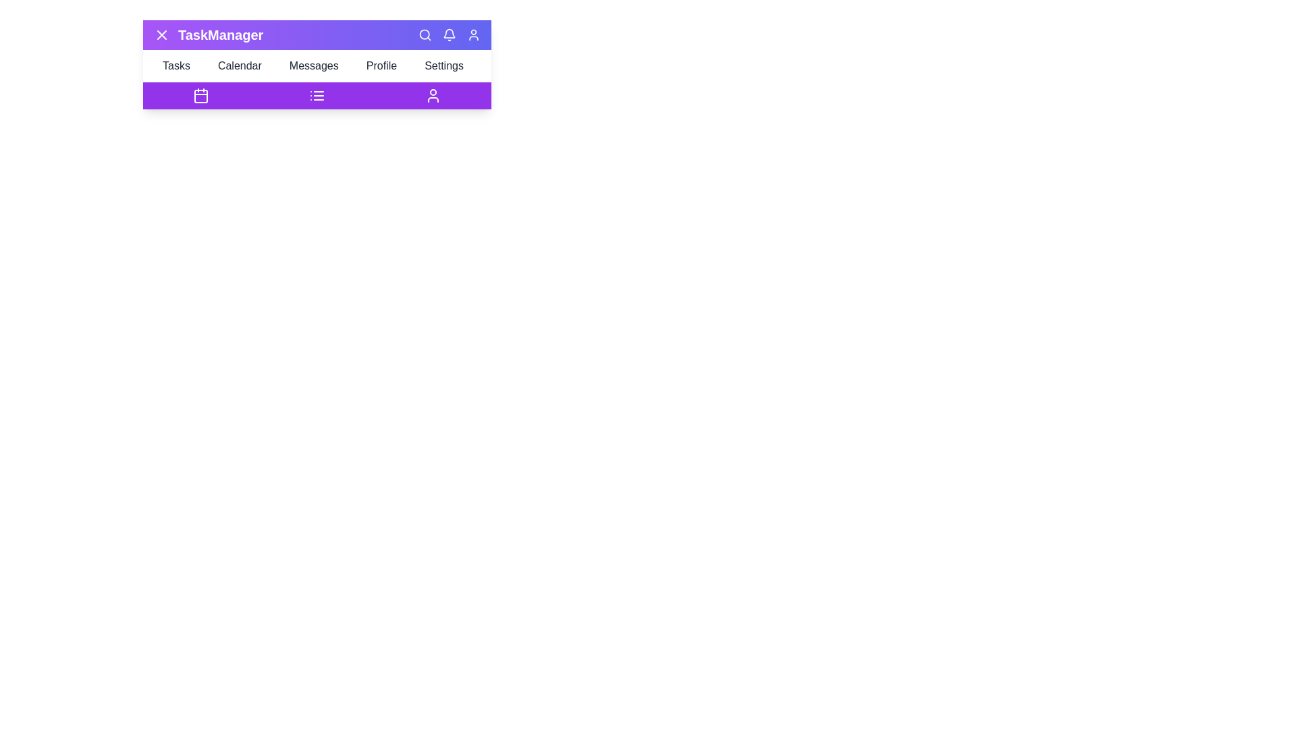  I want to click on the Search icon in the top-right corner of the app bar, so click(424, 34).